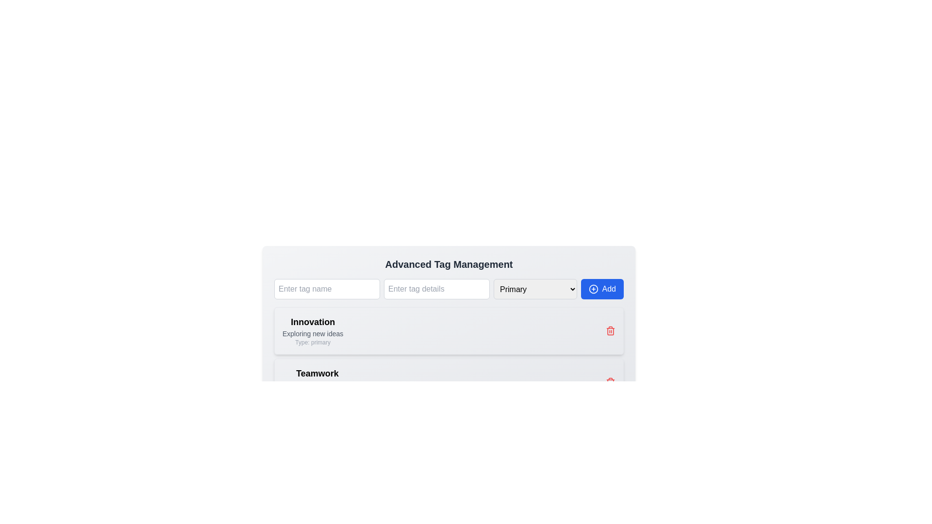  What do you see at coordinates (593, 289) in the screenshot?
I see `the circular icon with a plus symbol inside the blue 'Add' button located in the top-right section of the interface` at bounding box center [593, 289].